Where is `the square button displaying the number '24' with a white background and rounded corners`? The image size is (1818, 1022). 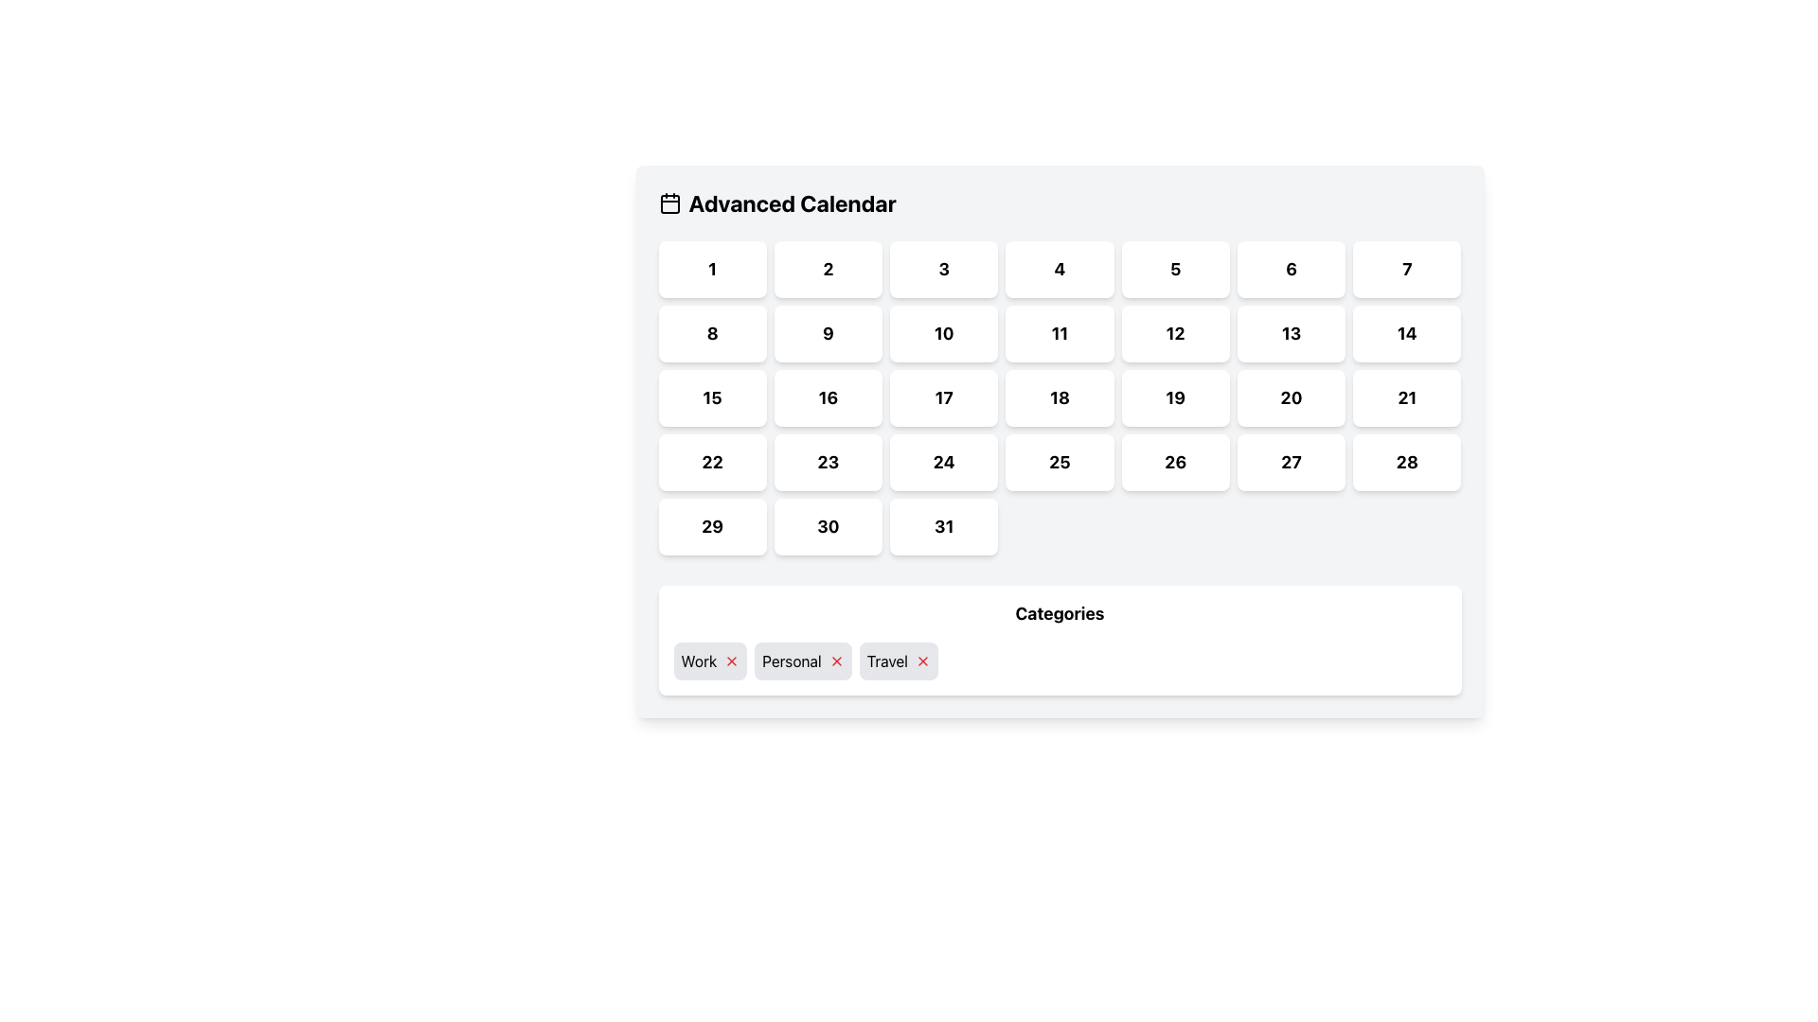 the square button displaying the number '24' with a white background and rounded corners is located at coordinates (944, 463).